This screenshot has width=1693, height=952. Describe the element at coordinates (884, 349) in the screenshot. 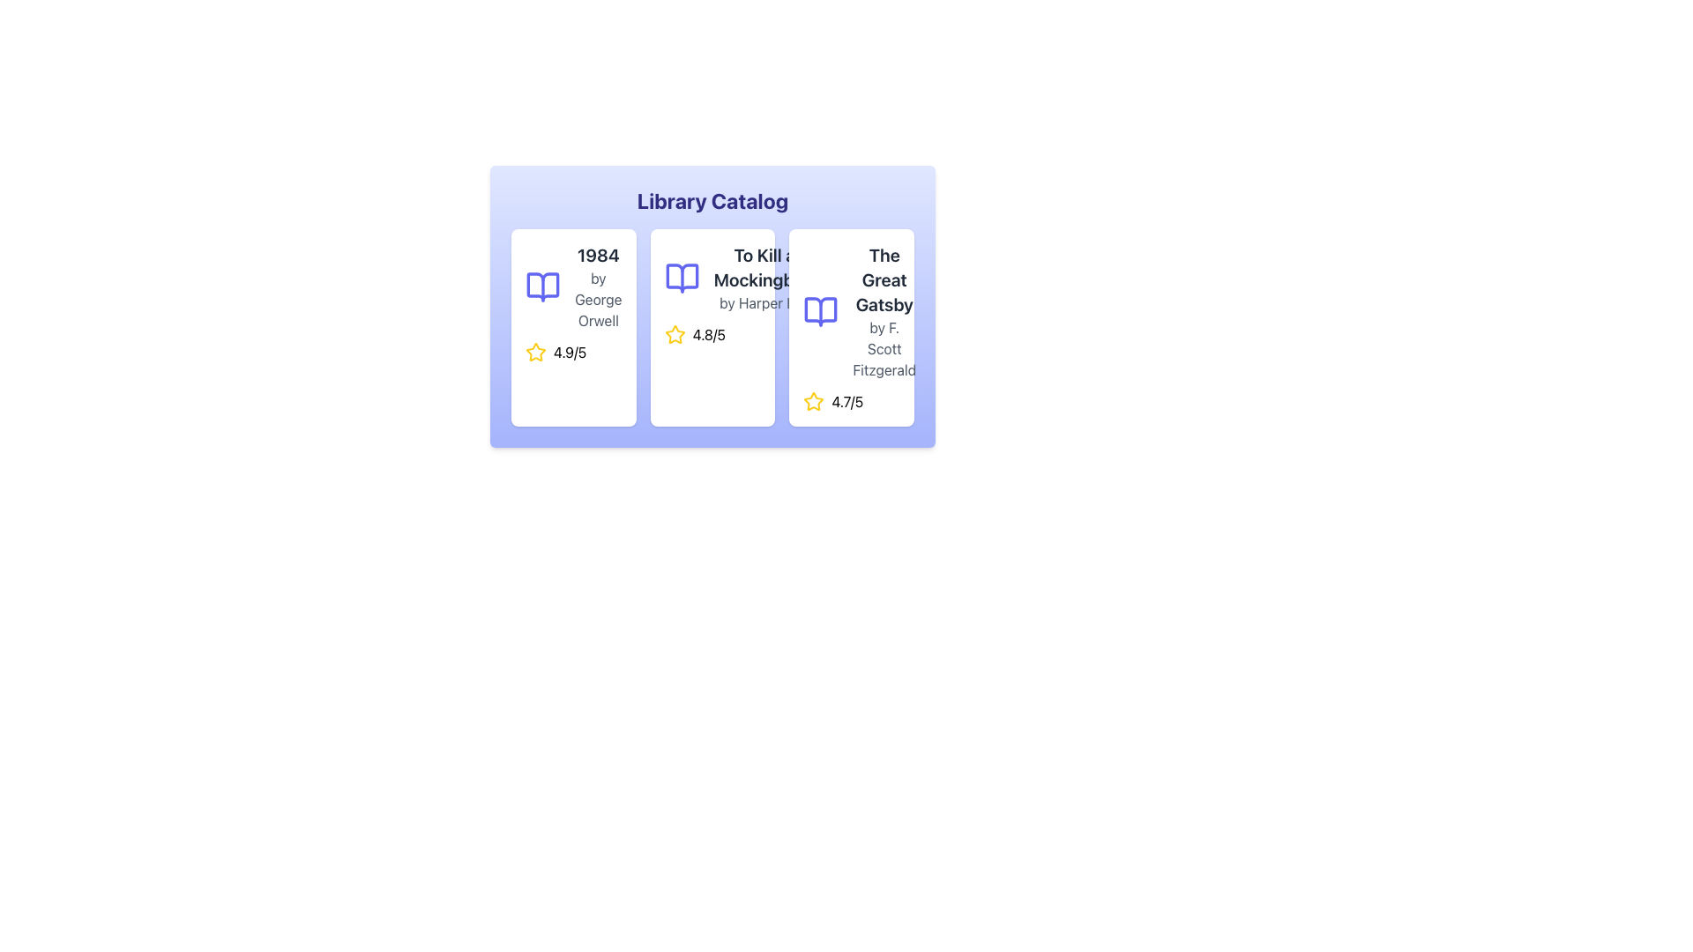

I see `the text label displaying the author's name for the book 'The Great Gatsby', which is located at the bottom of the book information card` at that location.